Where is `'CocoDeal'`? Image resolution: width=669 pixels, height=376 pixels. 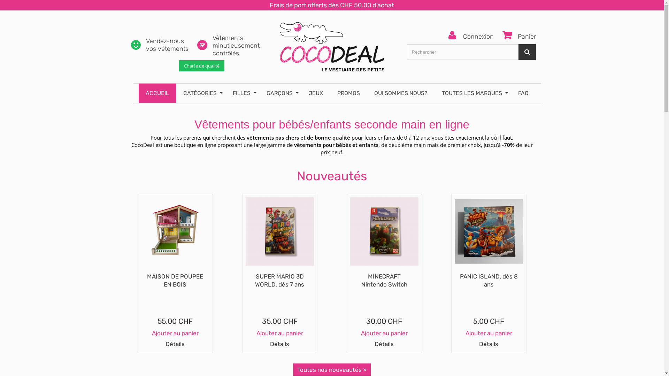
'CocoDeal' is located at coordinates (331, 43).